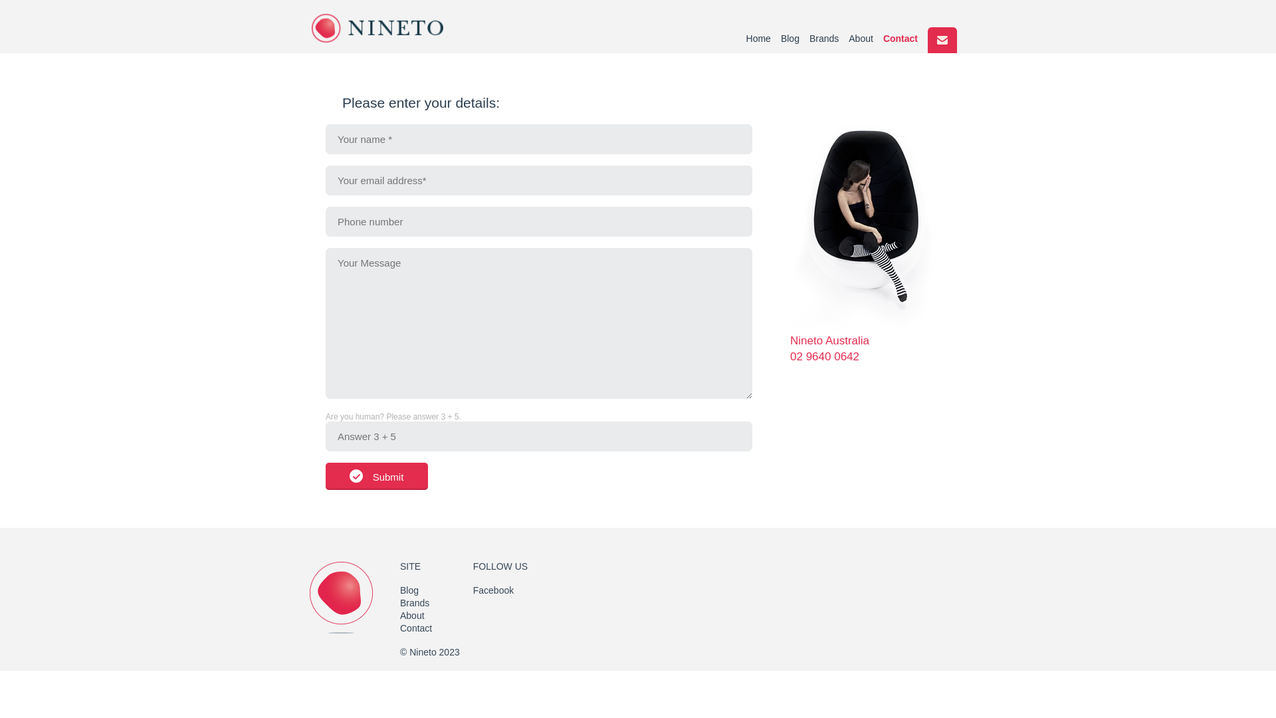 The width and height of the screenshot is (1276, 718). What do you see at coordinates (414, 602) in the screenshot?
I see `'Brands'` at bounding box center [414, 602].